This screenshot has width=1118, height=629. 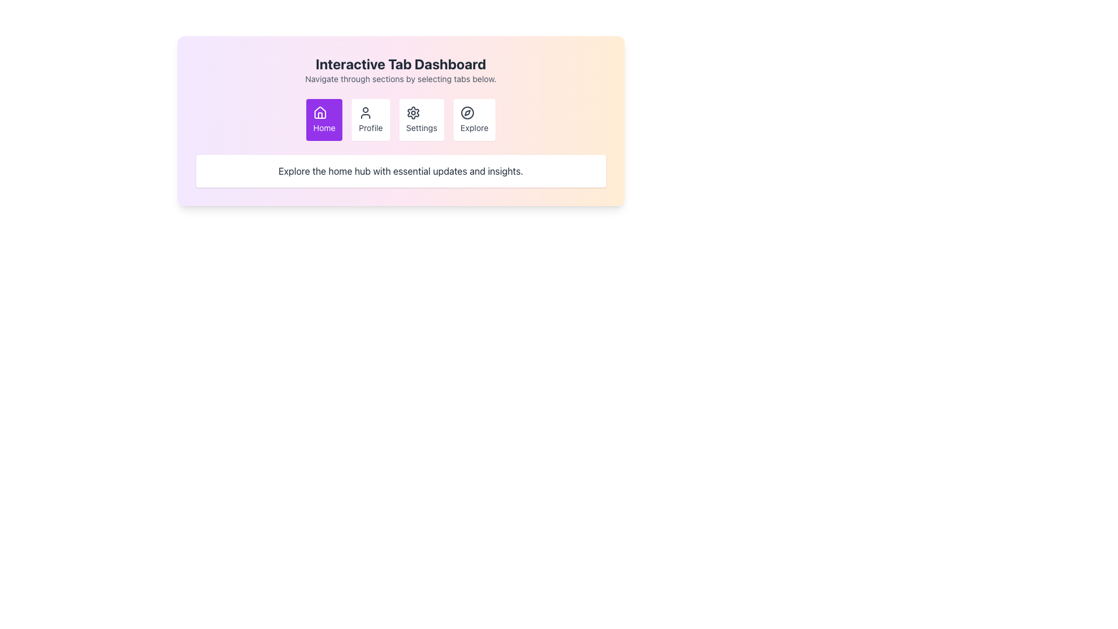 What do you see at coordinates (421, 119) in the screenshot?
I see `the button that navigates to the Settings section of the application, located under the 'Interactive Tab Dashboard' header, as the third button from the left, to interact with accessibility features` at bounding box center [421, 119].